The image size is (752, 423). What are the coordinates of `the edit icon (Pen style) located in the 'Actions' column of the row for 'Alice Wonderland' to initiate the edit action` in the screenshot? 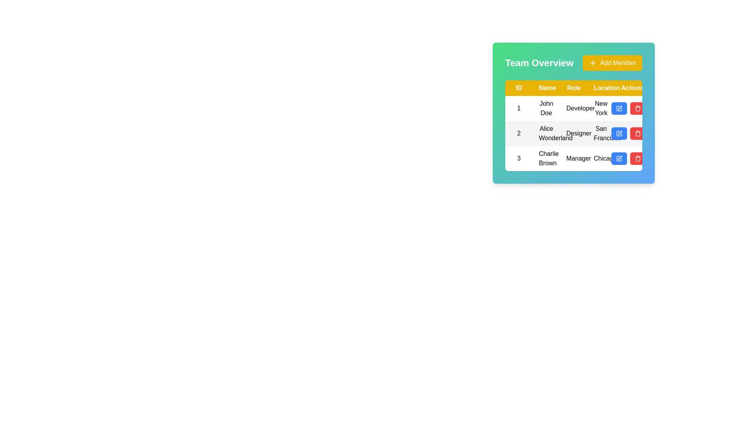 It's located at (620, 132).